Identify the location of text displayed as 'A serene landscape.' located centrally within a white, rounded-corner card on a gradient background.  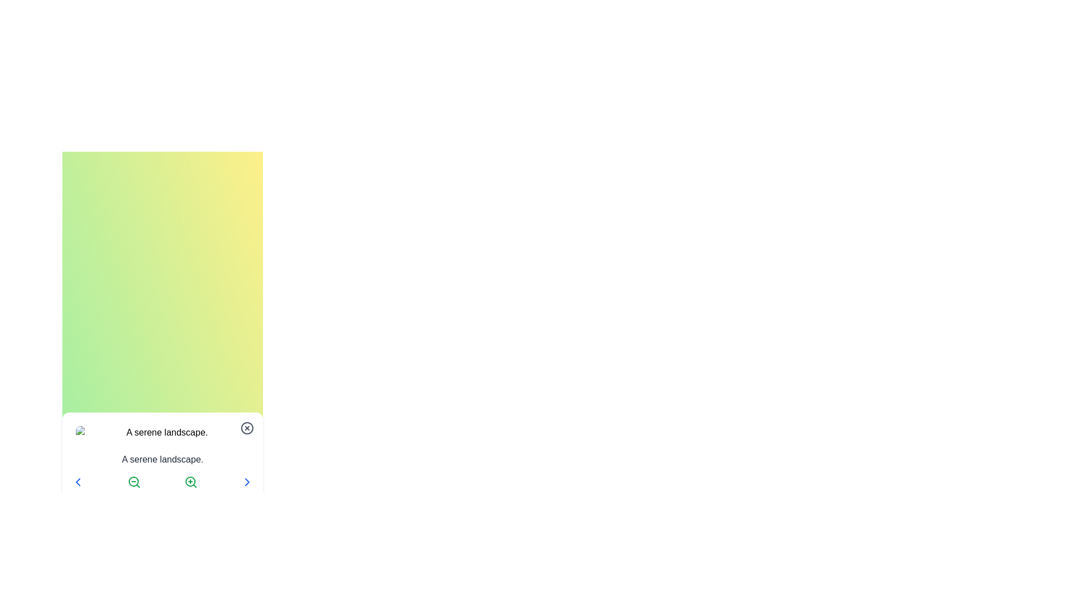
(162, 455).